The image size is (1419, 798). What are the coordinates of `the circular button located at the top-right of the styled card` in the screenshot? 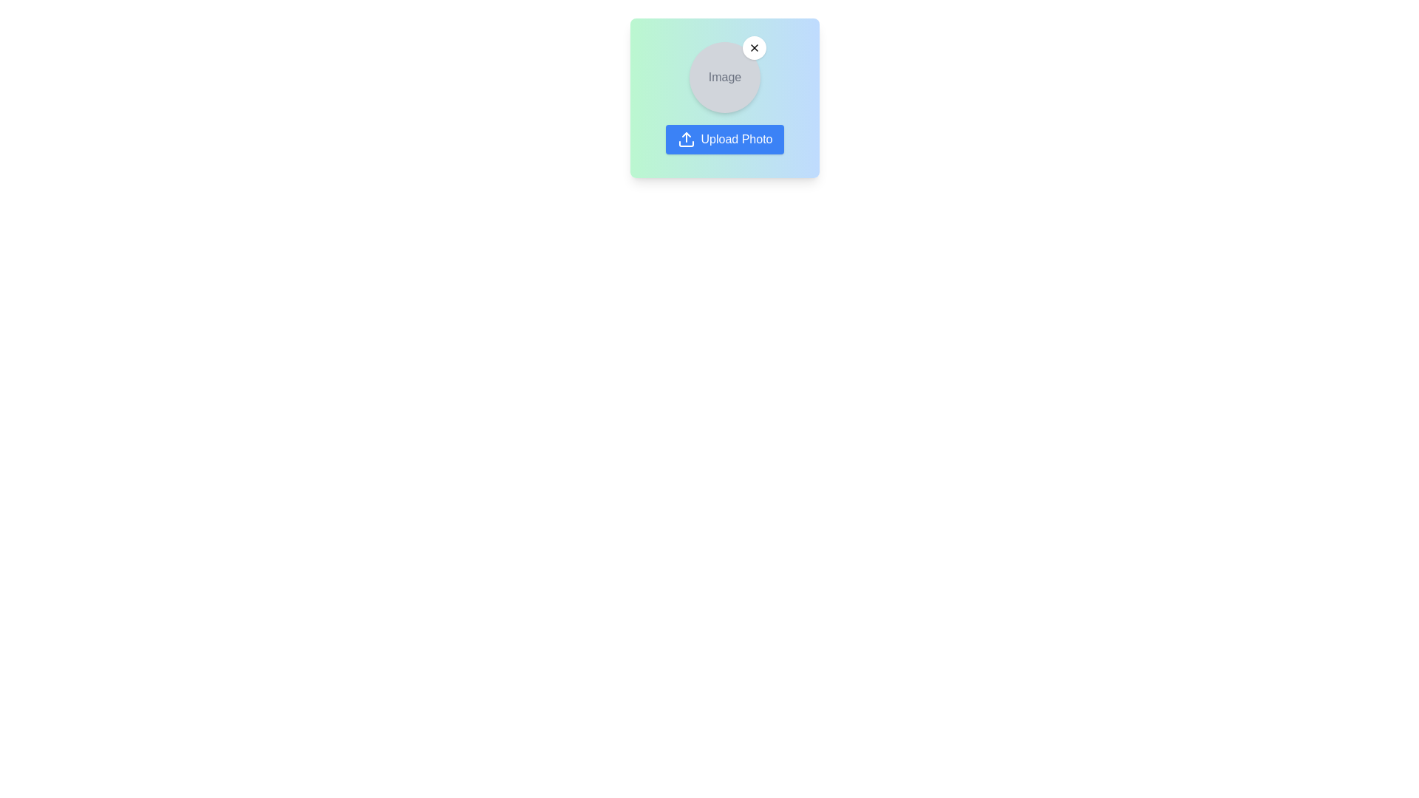 It's located at (755, 47).